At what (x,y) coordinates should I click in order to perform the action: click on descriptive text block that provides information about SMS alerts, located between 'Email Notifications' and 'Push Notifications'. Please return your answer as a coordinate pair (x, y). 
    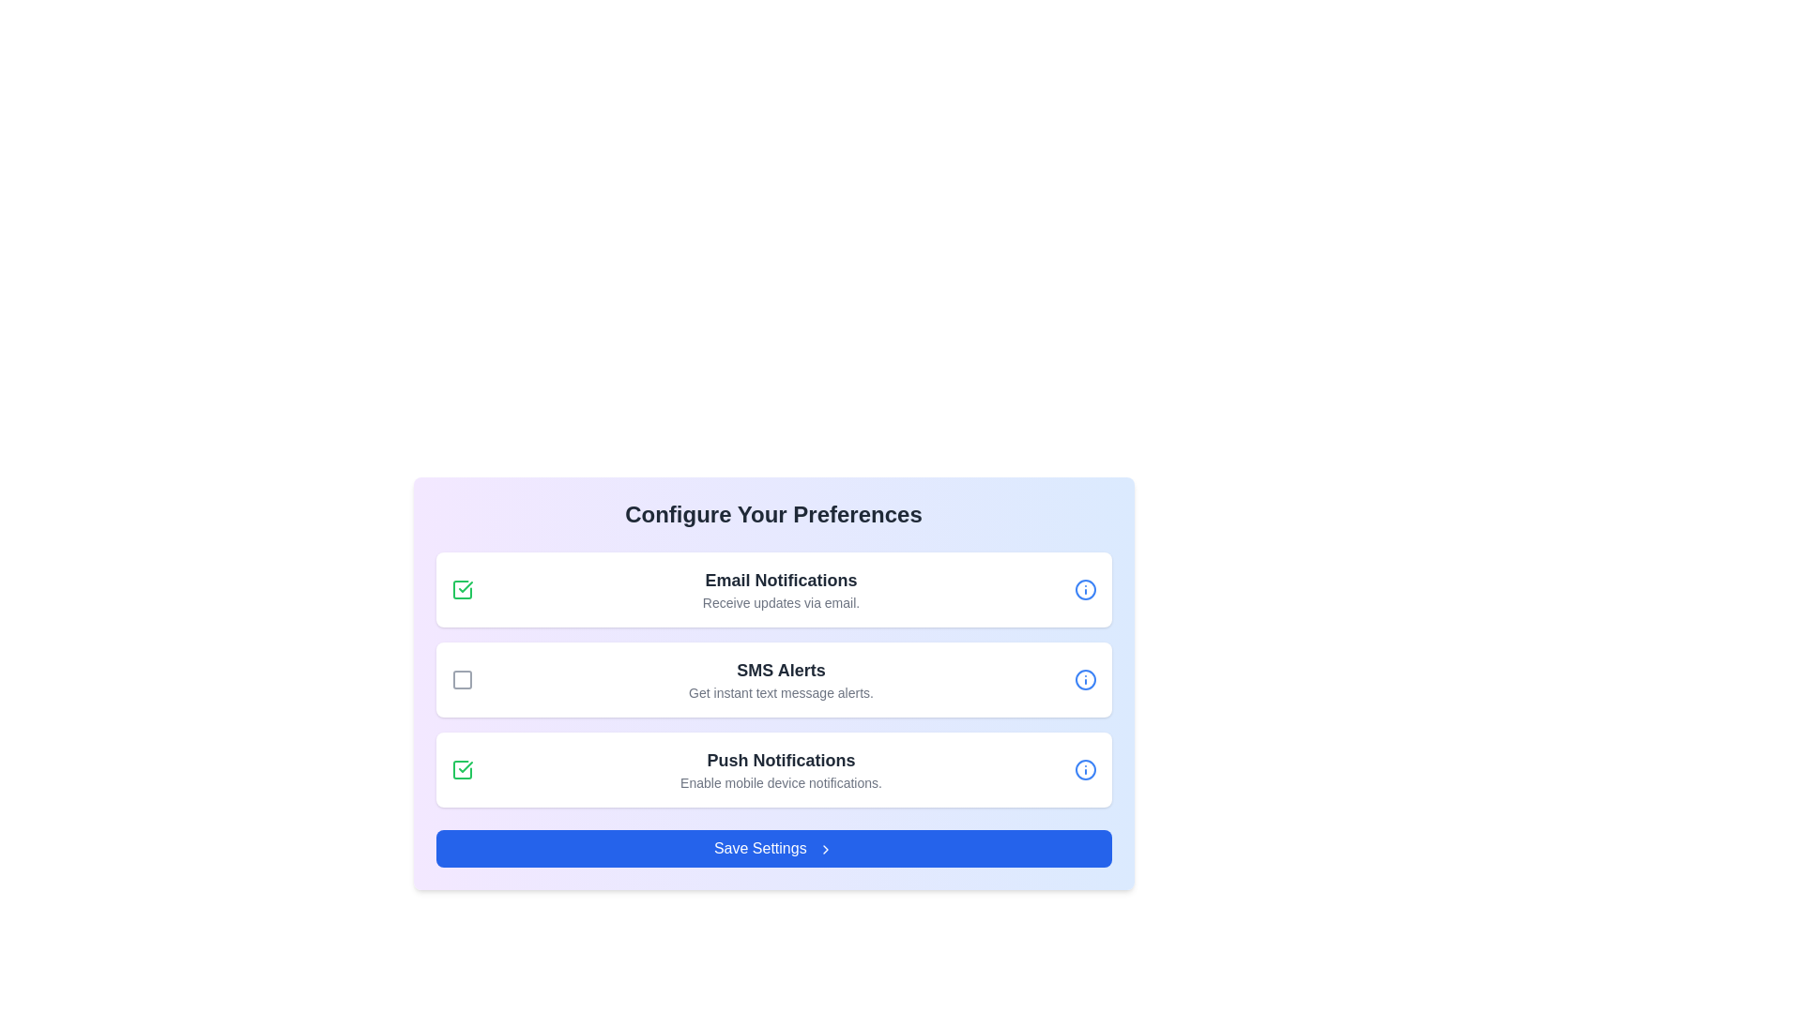
    Looking at the image, I should click on (781, 680).